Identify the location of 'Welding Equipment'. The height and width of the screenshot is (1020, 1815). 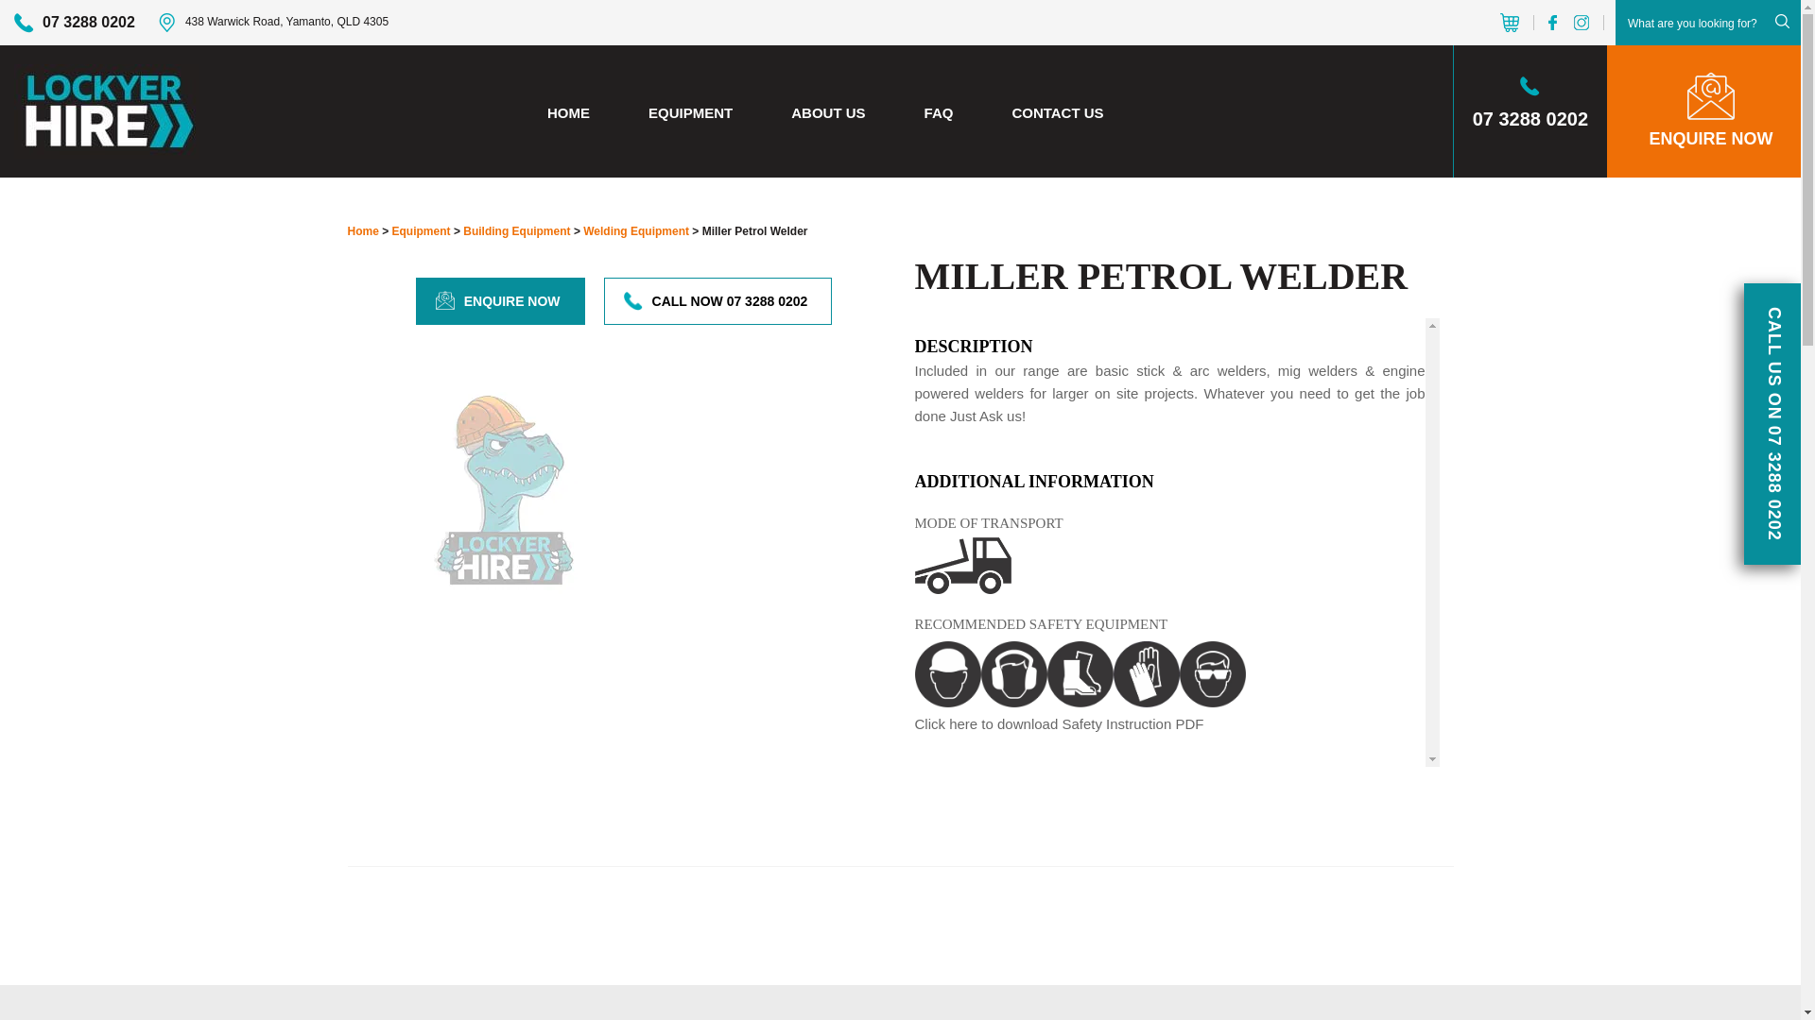
(635, 230).